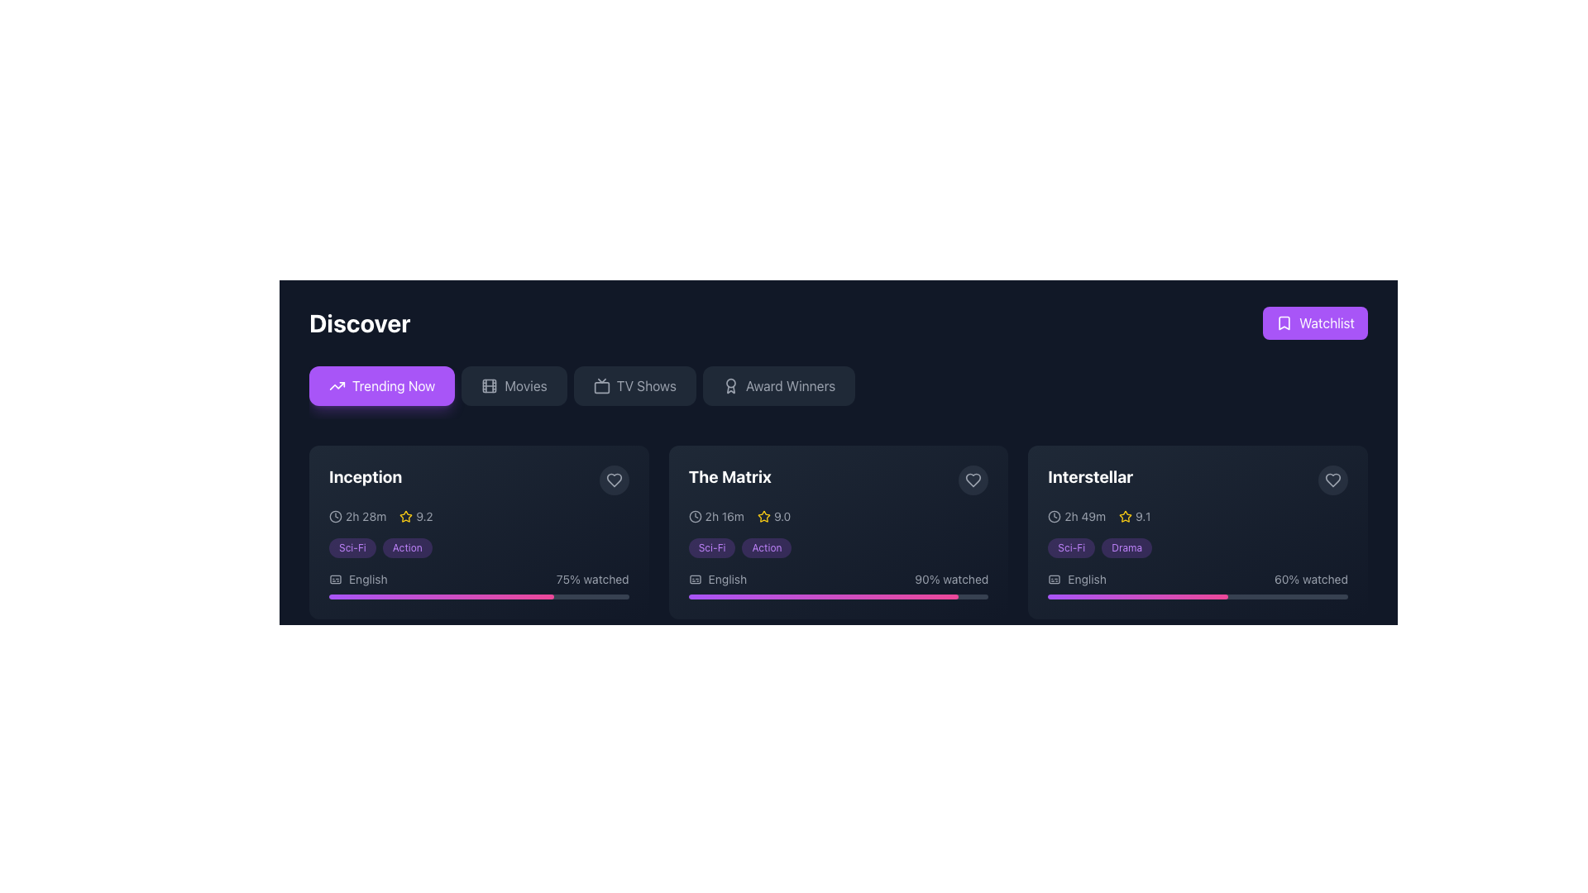 This screenshot has width=1588, height=893. What do you see at coordinates (1284, 322) in the screenshot?
I see `the purple 'Watchlist' button with a bookmark icon located at the top-right corner of the interface` at bounding box center [1284, 322].